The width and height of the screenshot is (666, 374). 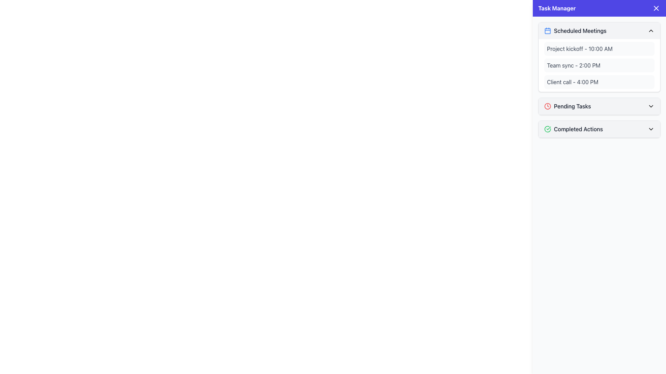 I want to click on the toggle button for the 'Completed Actions' section of the collapsible panel, located on the right side of the interface, so click(x=650, y=129).